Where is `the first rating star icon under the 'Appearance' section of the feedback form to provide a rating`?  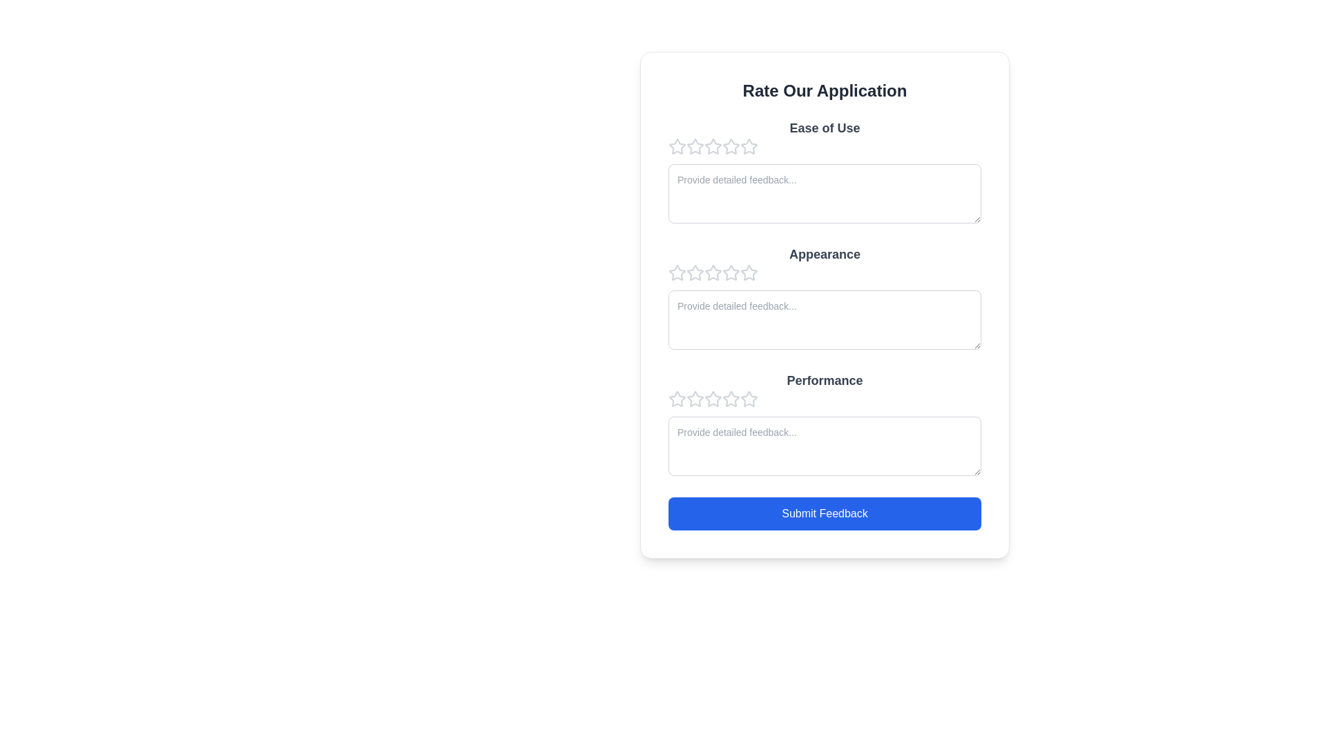
the first rating star icon under the 'Appearance' section of the feedback form to provide a rating is located at coordinates (677, 272).